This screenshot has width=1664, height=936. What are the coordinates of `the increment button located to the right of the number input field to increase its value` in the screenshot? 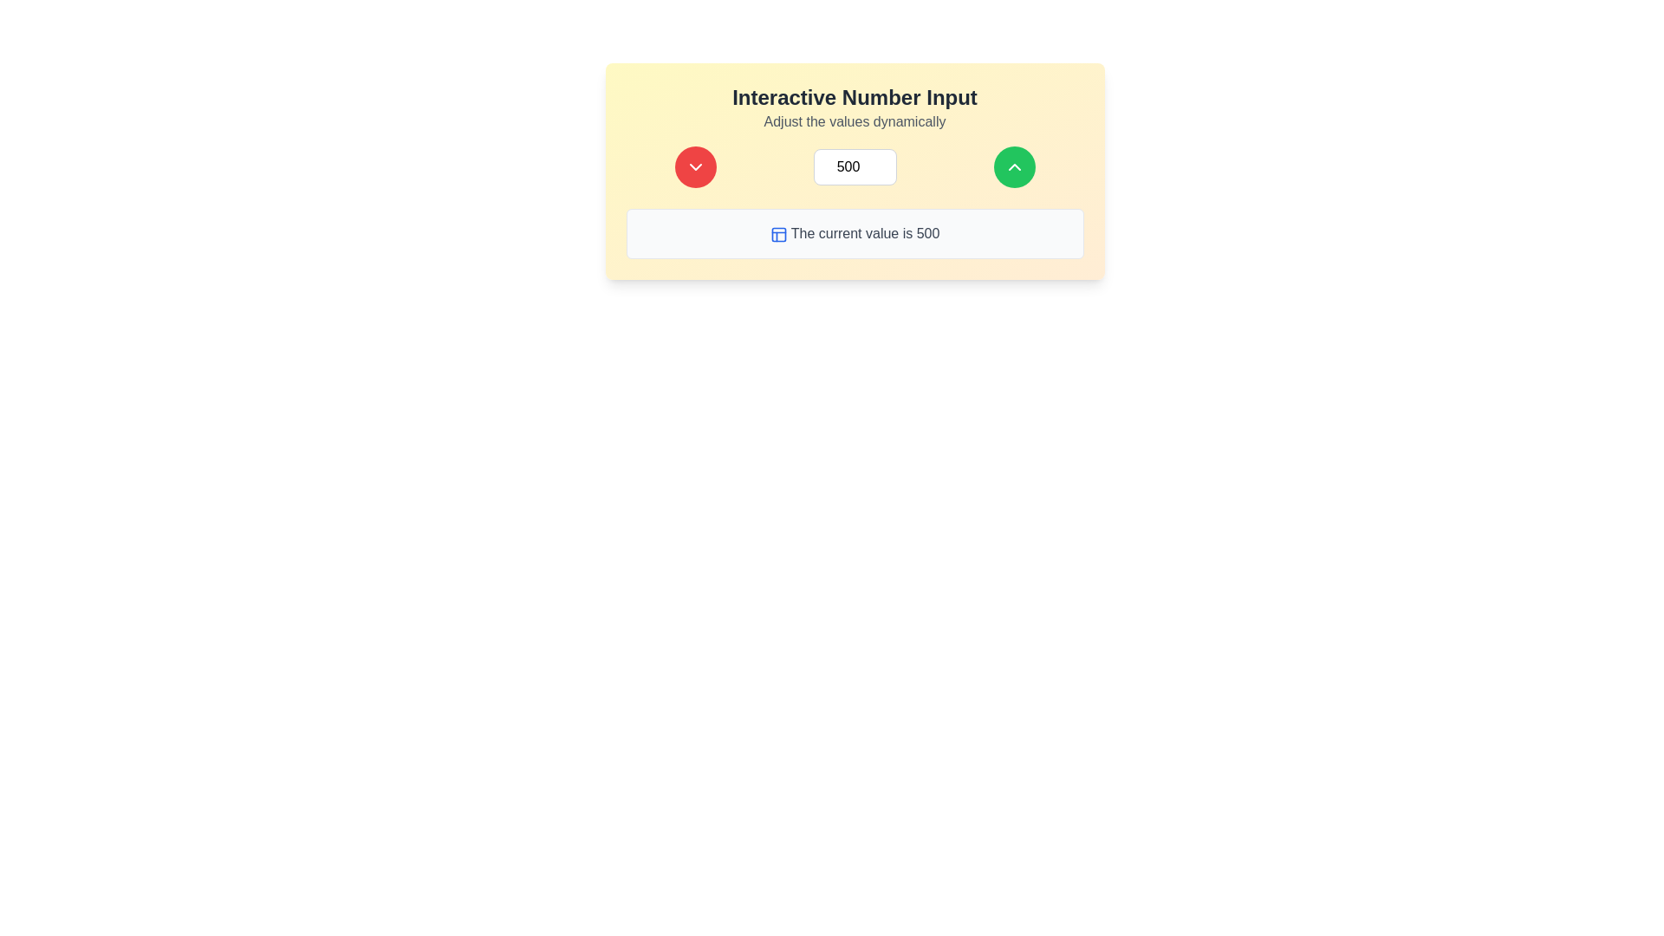 It's located at (1014, 166).